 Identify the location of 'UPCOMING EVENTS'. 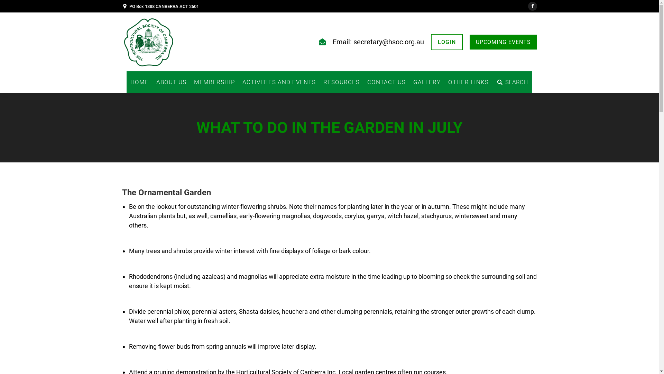
(503, 42).